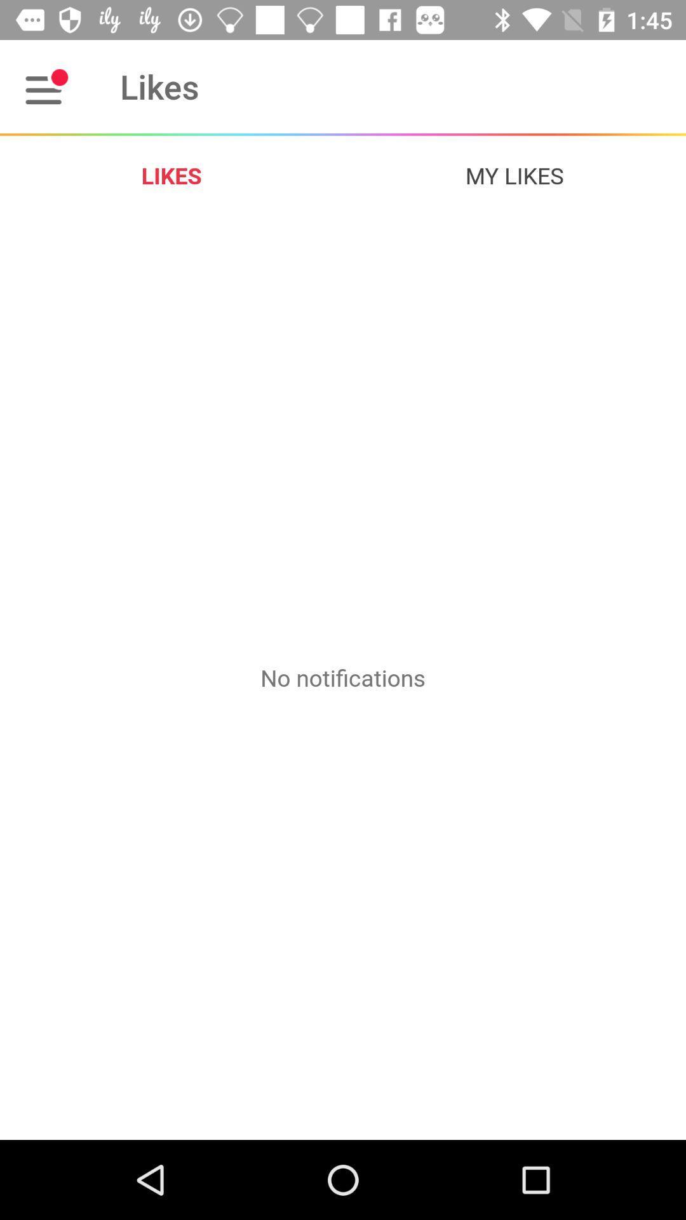  I want to click on the item above the no notifications item, so click(514, 175).